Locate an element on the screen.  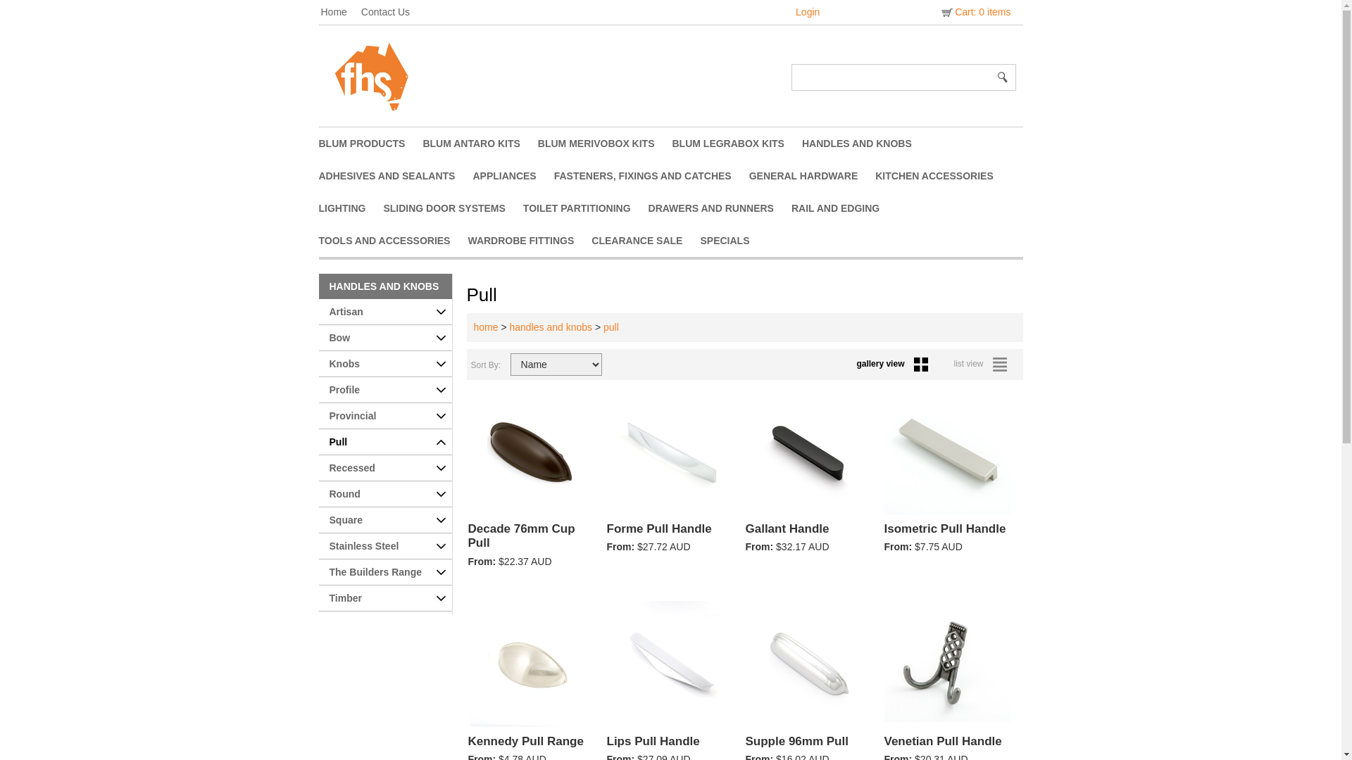
'Provincial' is located at coordinates (384, 415).